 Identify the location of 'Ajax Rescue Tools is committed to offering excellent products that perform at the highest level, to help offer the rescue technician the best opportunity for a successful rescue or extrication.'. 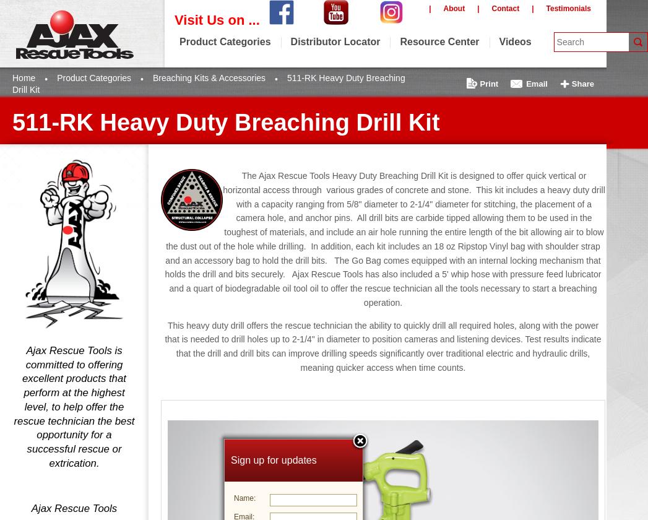
(73, 406).